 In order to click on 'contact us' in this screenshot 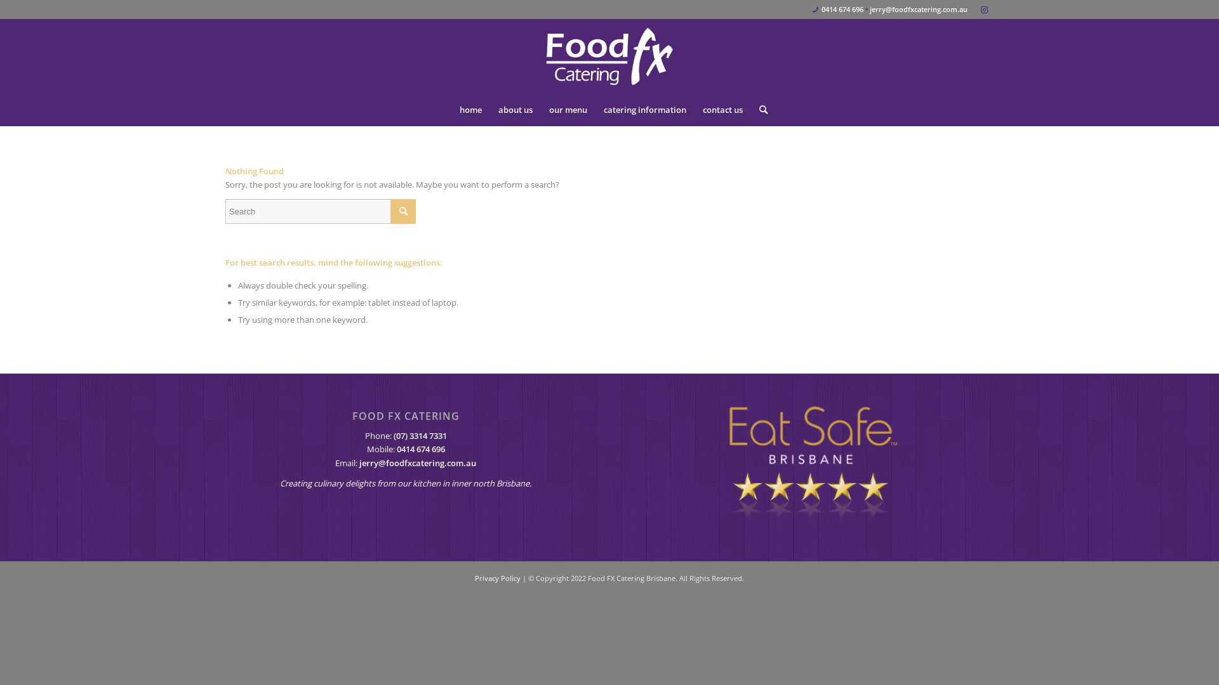, I will do `click(723, 109)`.